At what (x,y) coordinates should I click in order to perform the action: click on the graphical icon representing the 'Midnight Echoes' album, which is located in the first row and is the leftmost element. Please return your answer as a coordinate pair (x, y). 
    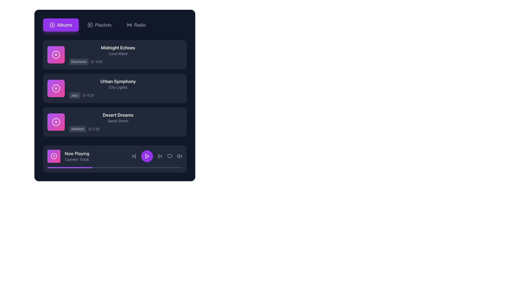
    Looking at the image, I should click on (56, 55).